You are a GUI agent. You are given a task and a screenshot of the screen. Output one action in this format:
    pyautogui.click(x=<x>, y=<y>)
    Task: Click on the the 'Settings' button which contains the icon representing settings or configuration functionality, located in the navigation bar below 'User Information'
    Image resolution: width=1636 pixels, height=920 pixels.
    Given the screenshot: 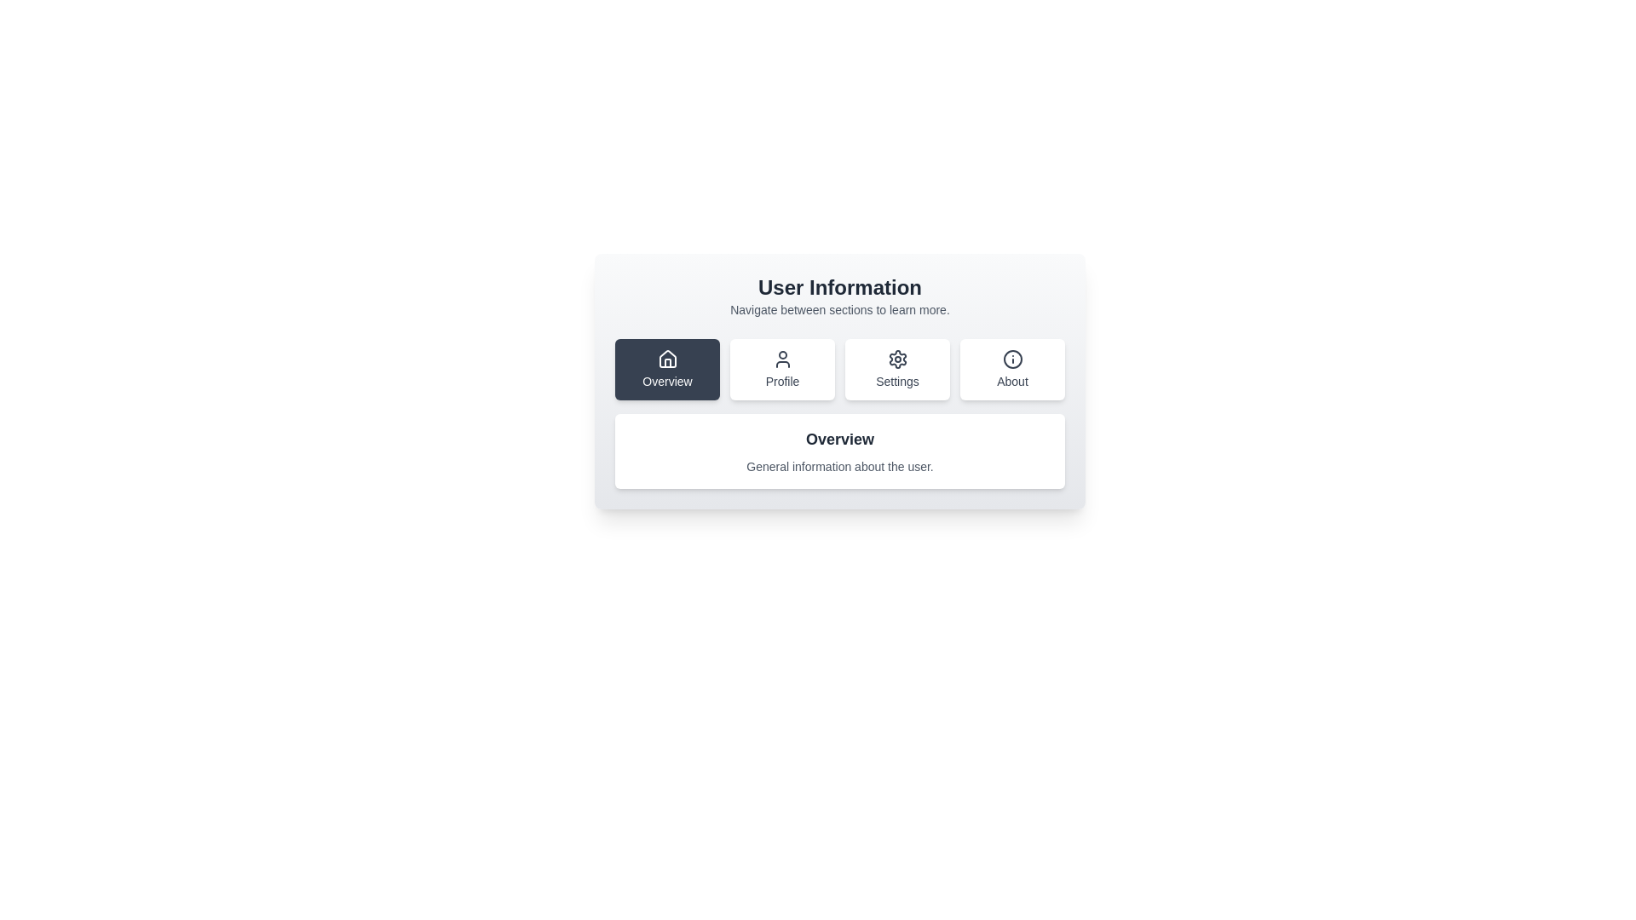 What is the action you would take?
    pyautogui.click(x=896, y=358)
    